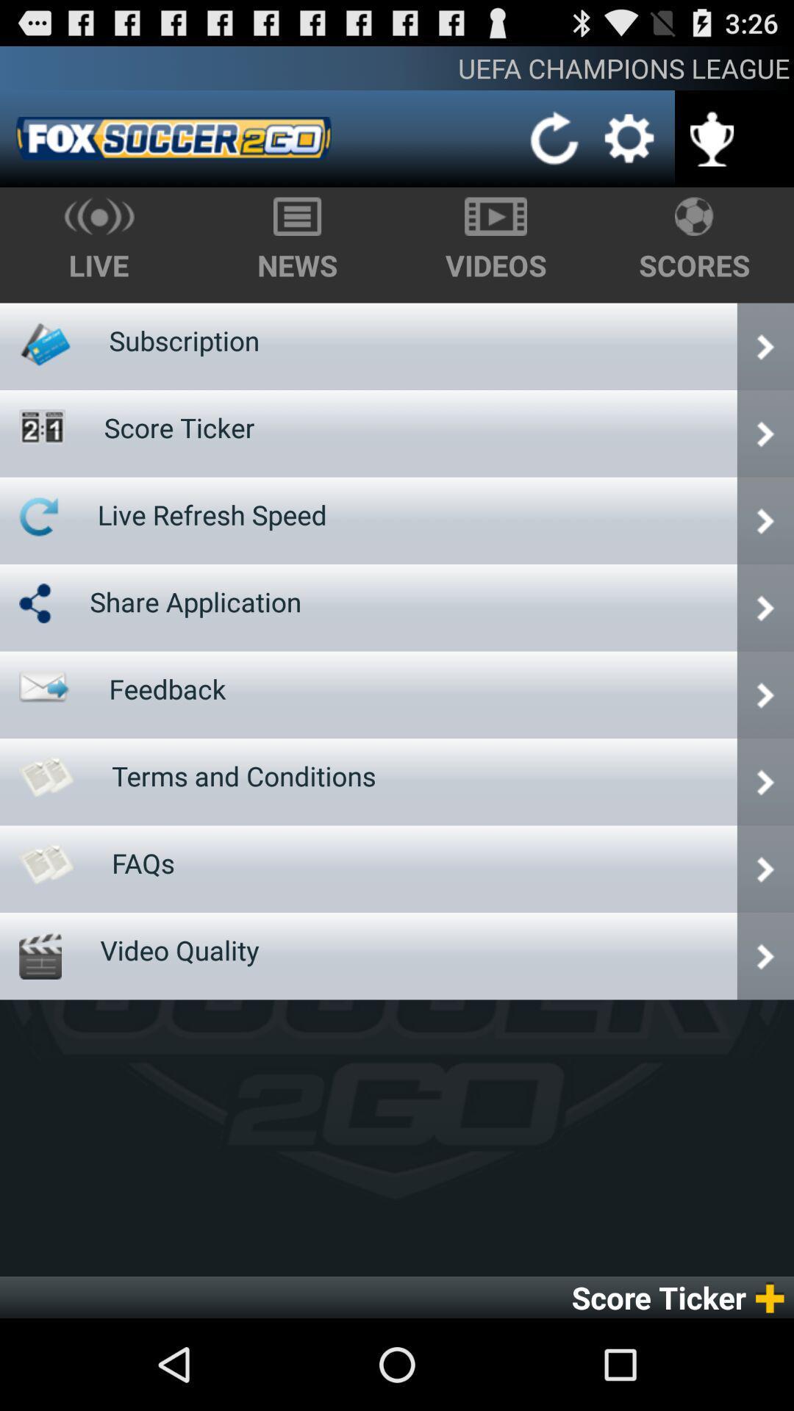 This screenshot has width=794, height=1411. I want to click on video quality app, so click(179, 949).